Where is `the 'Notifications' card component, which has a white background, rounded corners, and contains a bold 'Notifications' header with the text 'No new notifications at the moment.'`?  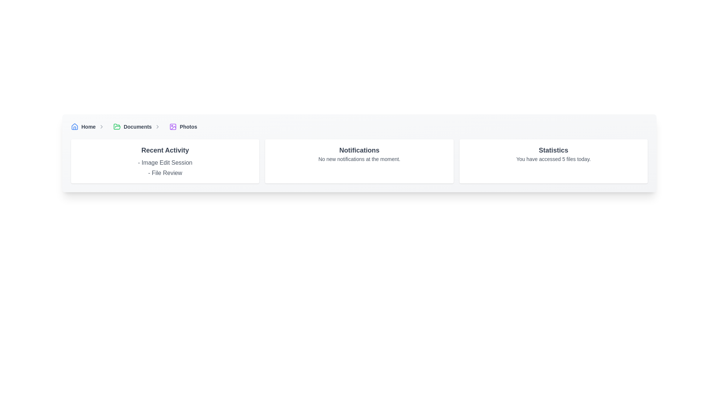
the 'Notifications' card component, which has a white background, rounded corners, and contains a bold 'Notifications' header with the text 'No new notifications at the moment.' is located at coordinates (359, 161).